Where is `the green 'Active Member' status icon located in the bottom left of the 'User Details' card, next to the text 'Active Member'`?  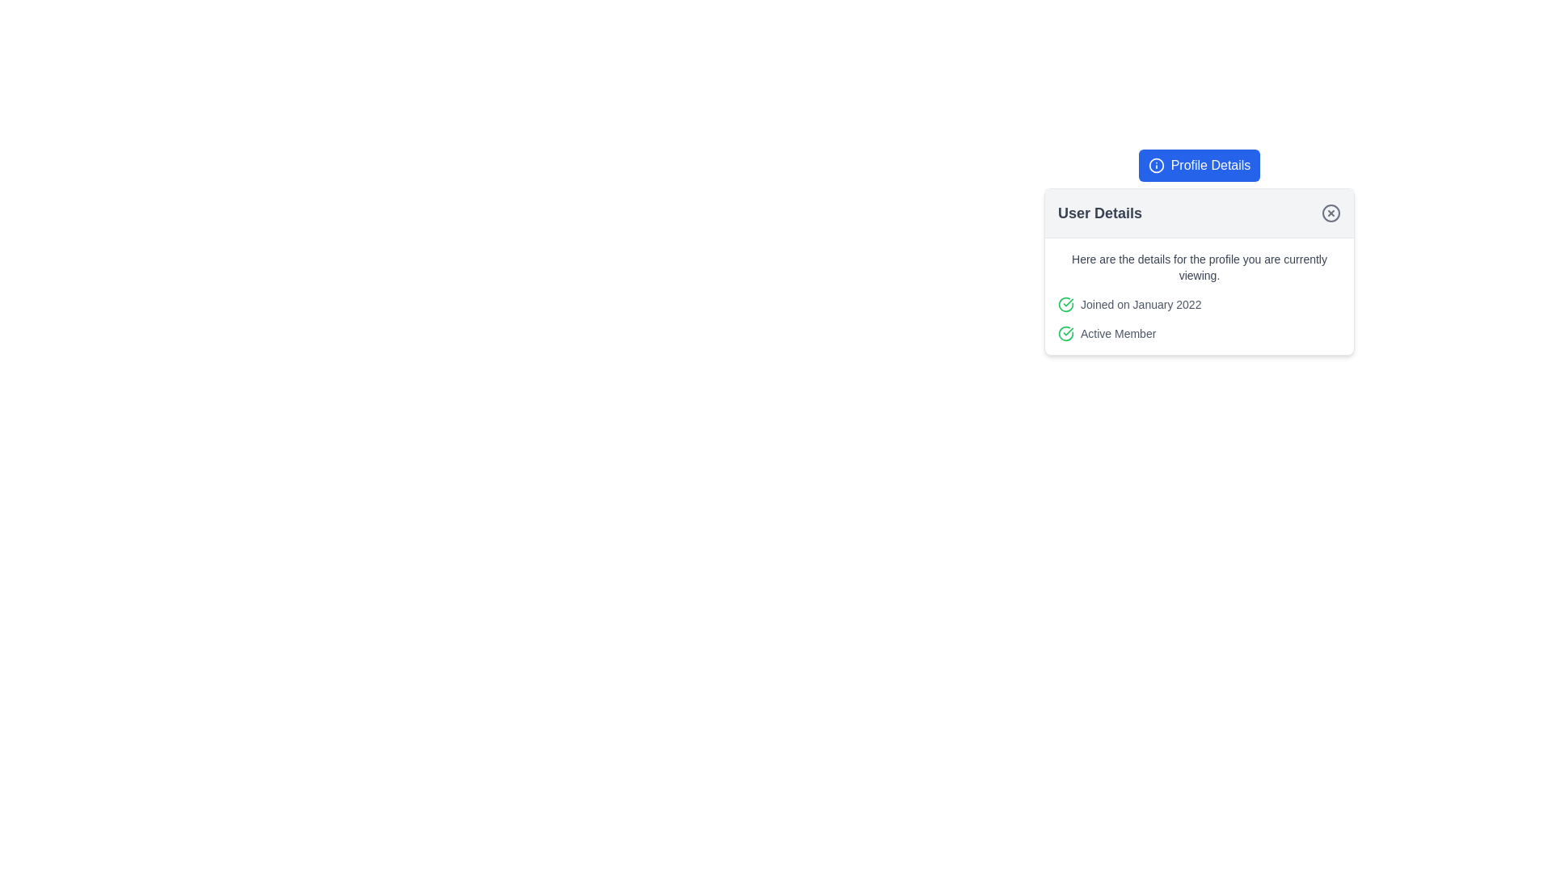
the green 'Active Member' status icon located in the bottom left of the 'User Details' card, next to the text 'Active Member' is located at coordinates (1066, 332).